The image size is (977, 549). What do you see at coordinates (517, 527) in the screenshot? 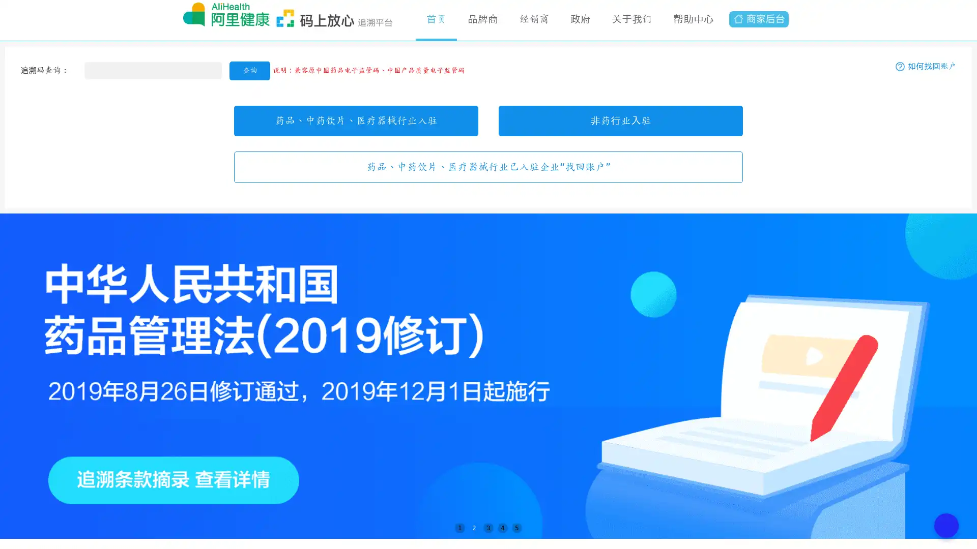
I see `Go to slide 5` at bounding box center [517, 527].